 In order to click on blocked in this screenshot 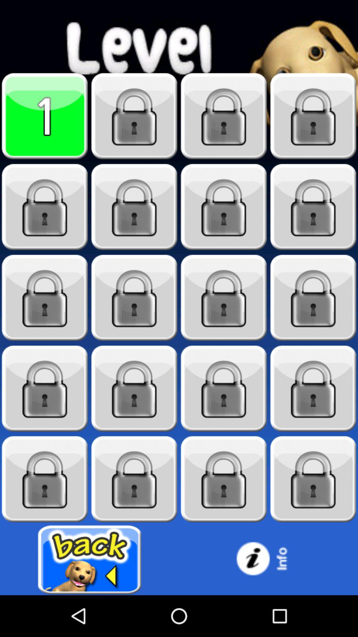, I will do `click(134, 207)`.